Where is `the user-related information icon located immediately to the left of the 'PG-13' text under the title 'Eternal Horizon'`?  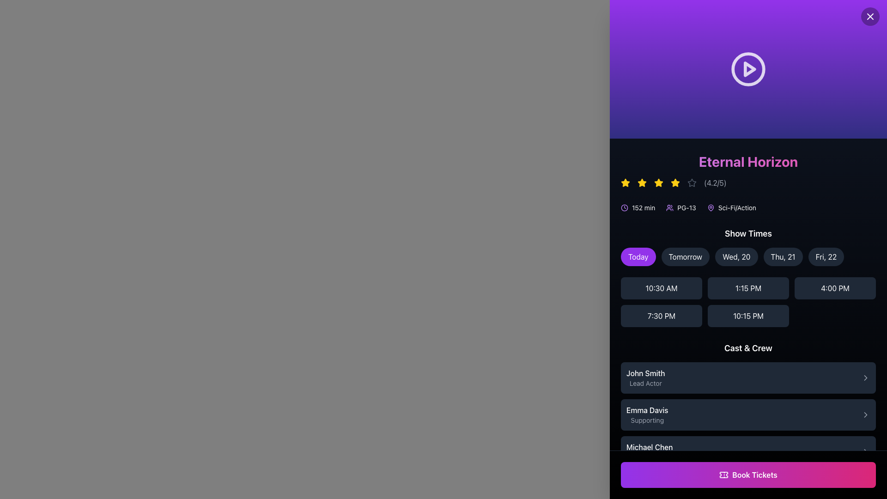
the user-related information icon located immediately to the left of the 'PG-13' text under the title 'Eternal Horizon' is located at coordinates (670, 208).